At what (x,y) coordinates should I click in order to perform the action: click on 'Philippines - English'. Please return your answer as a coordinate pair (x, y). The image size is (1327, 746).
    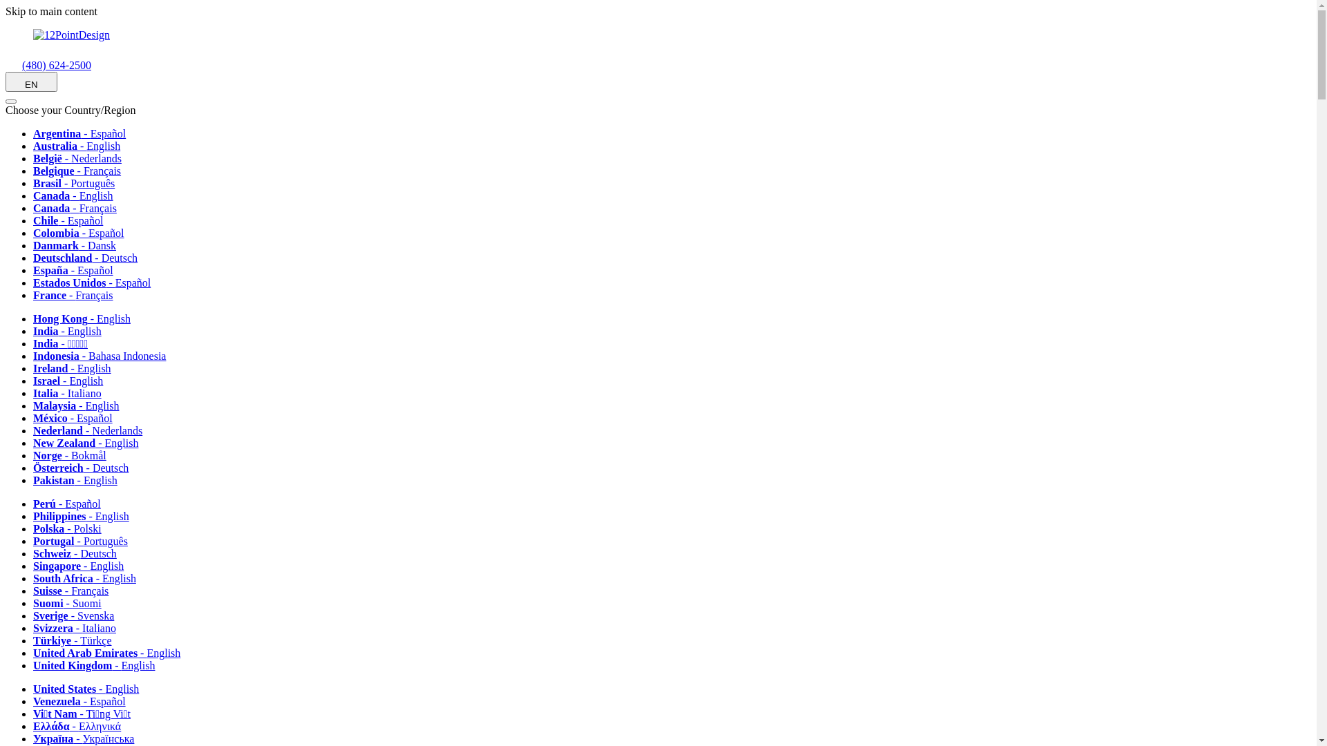
    Looking at the image, I should click on (85, 516).